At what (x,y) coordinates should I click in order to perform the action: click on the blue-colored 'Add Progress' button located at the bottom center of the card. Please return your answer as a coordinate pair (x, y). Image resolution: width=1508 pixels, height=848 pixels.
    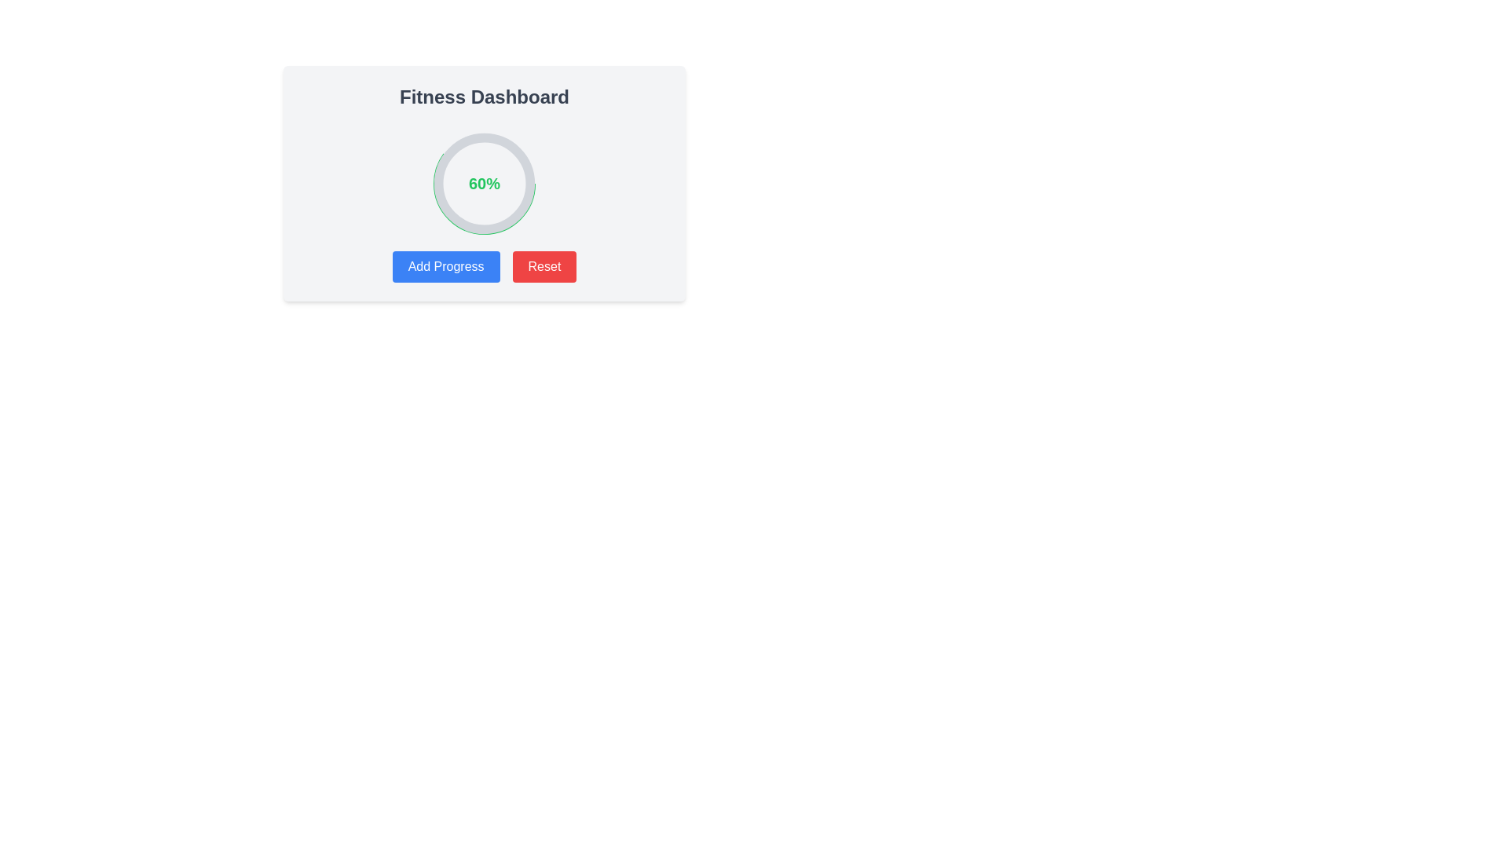
    Looking at the image, I should click on (483, 265).